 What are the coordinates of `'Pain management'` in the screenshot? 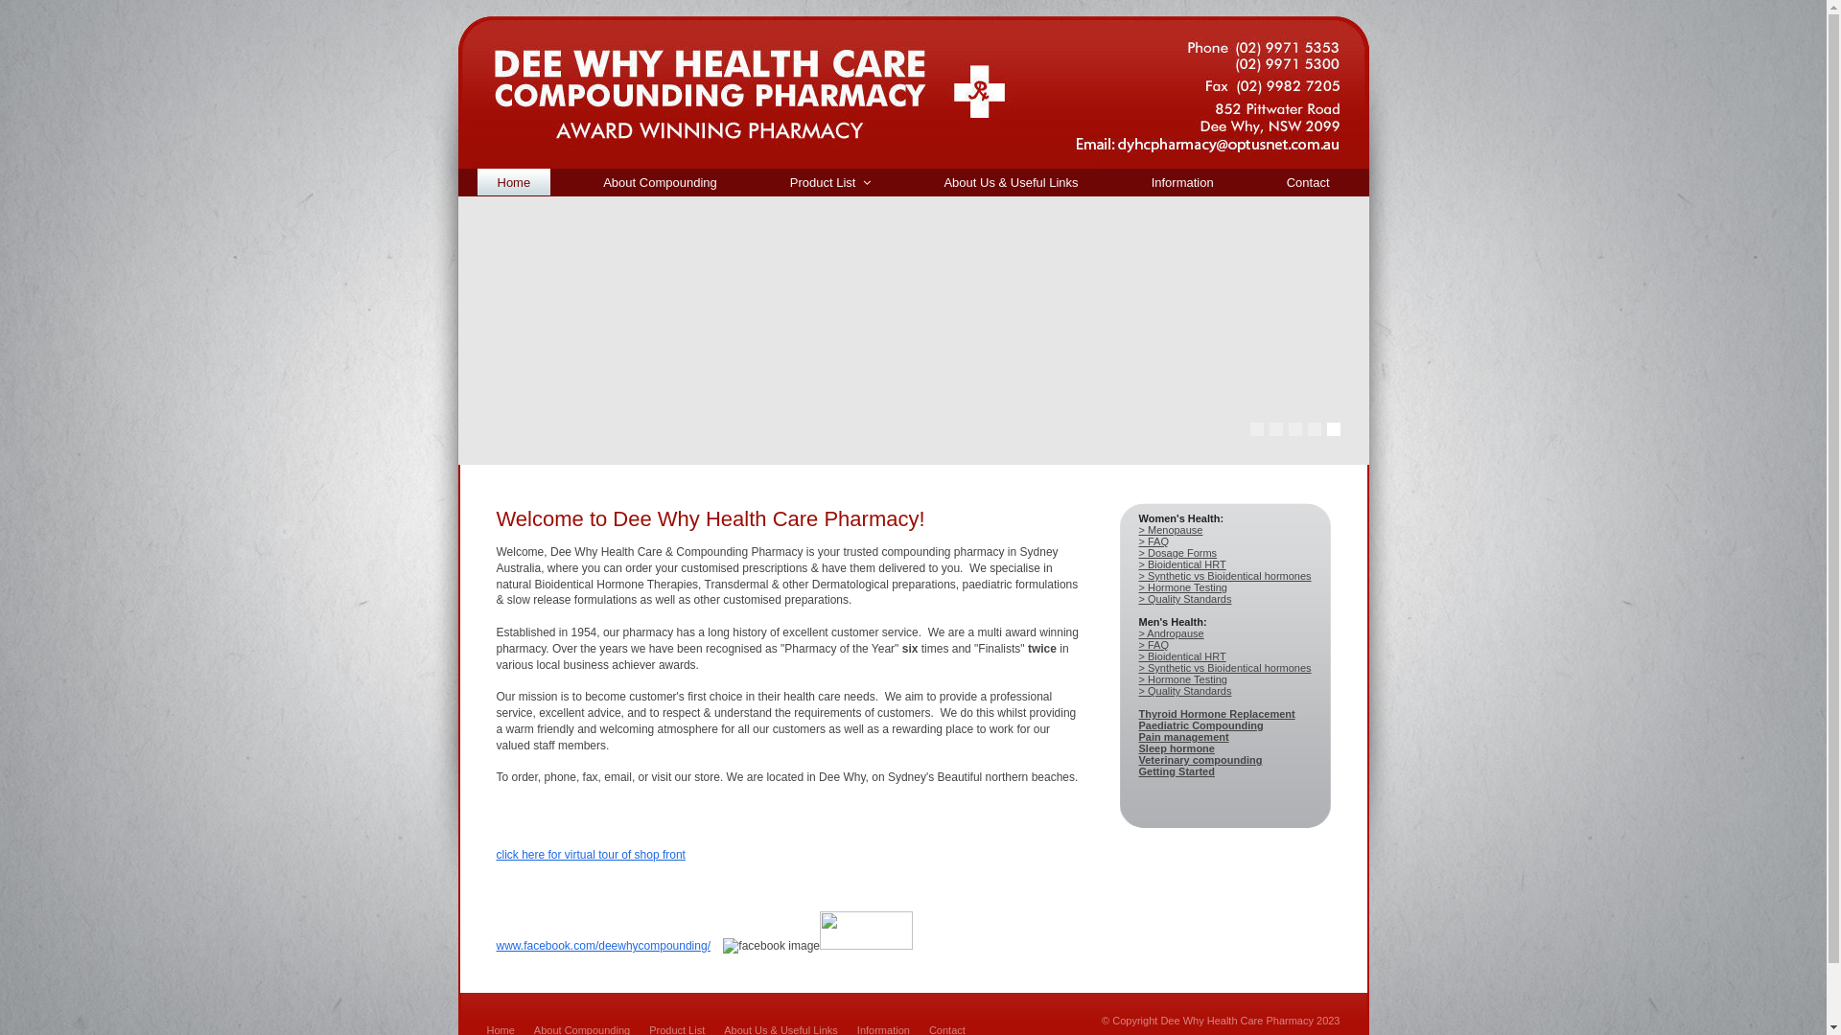 It's located at (1139, 735).